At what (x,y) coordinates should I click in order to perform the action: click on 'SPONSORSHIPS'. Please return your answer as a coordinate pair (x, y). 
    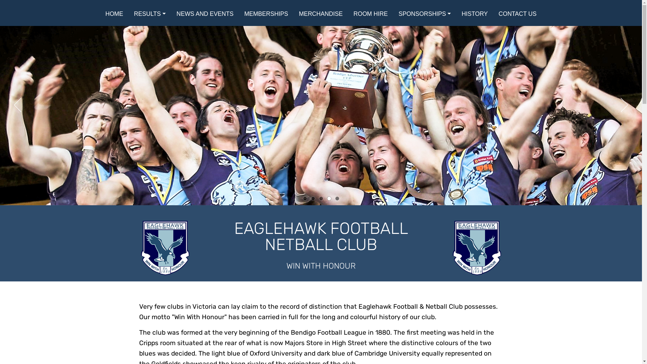
    Looking at the image, I should click on (393, 14).